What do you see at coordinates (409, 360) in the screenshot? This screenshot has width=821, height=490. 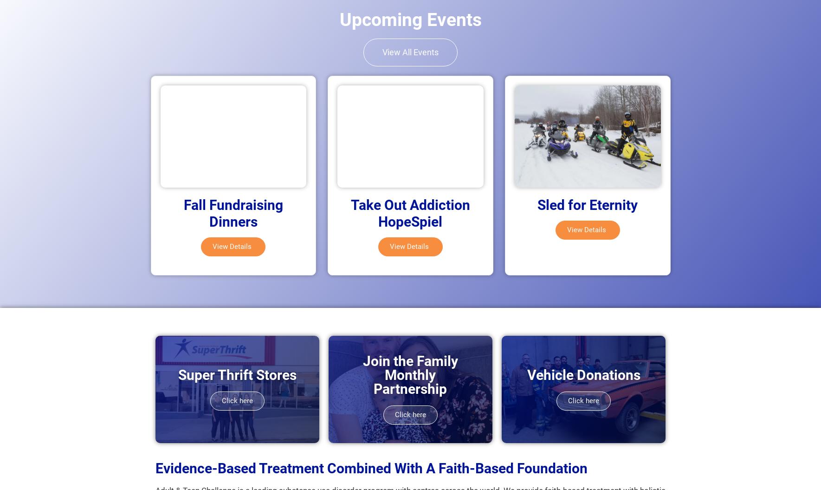 I see `'Join the Family'` at bounding box center [409, 360].